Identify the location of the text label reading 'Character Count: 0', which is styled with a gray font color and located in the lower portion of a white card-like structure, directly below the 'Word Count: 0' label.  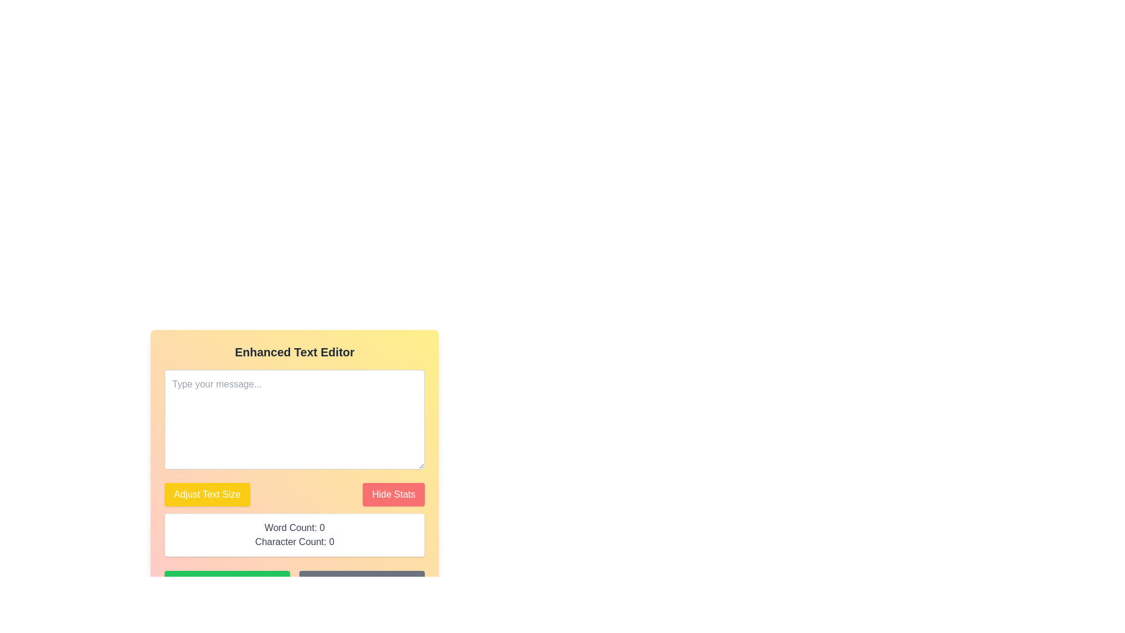
(295, 542).